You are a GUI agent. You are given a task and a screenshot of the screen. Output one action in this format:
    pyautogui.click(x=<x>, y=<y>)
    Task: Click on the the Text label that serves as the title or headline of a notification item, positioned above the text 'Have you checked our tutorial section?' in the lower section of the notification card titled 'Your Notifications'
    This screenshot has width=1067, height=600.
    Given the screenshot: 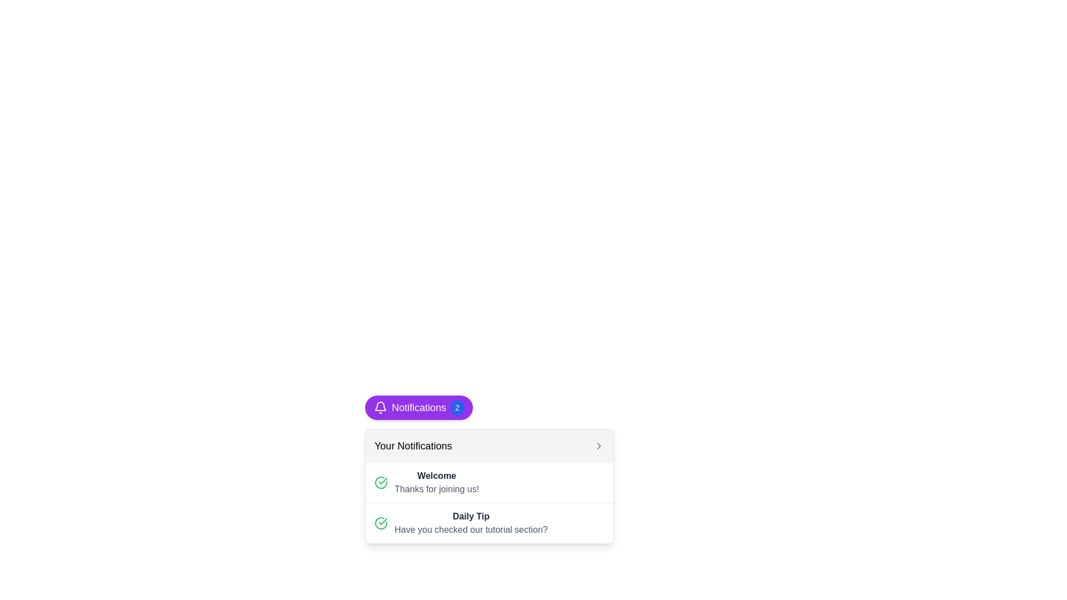 What is the action you would take?
    pyautogui.click(x=471, y=516)
    